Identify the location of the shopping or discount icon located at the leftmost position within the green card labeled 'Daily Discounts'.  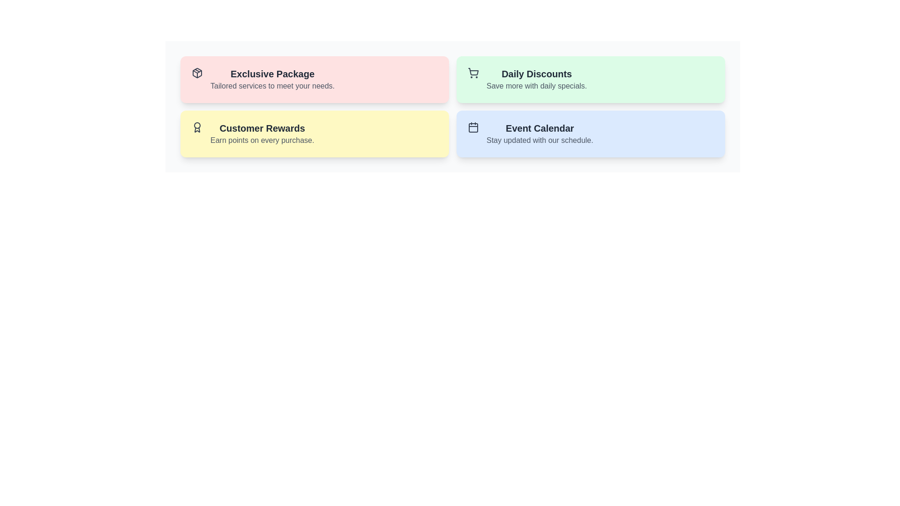
(473, 72).